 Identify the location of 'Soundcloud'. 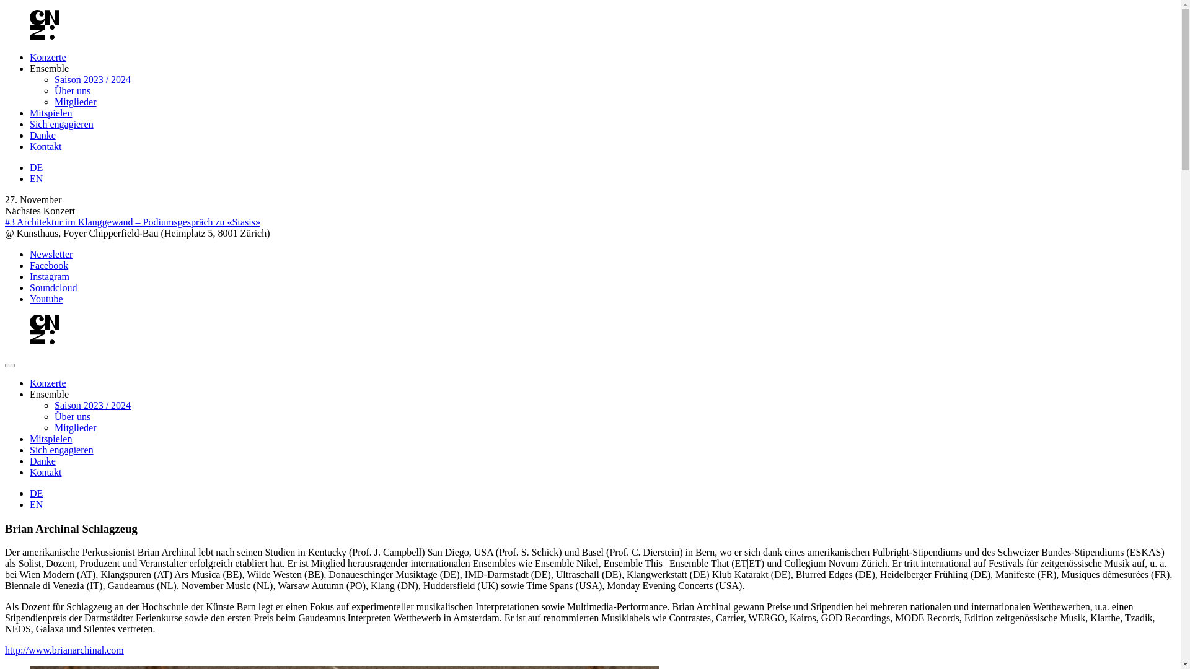
(53, 287).